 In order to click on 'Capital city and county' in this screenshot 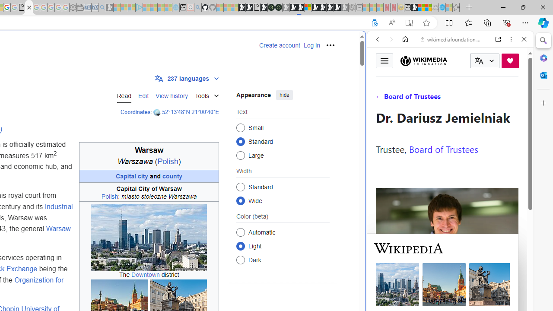, I will do `click(149, 176)`.